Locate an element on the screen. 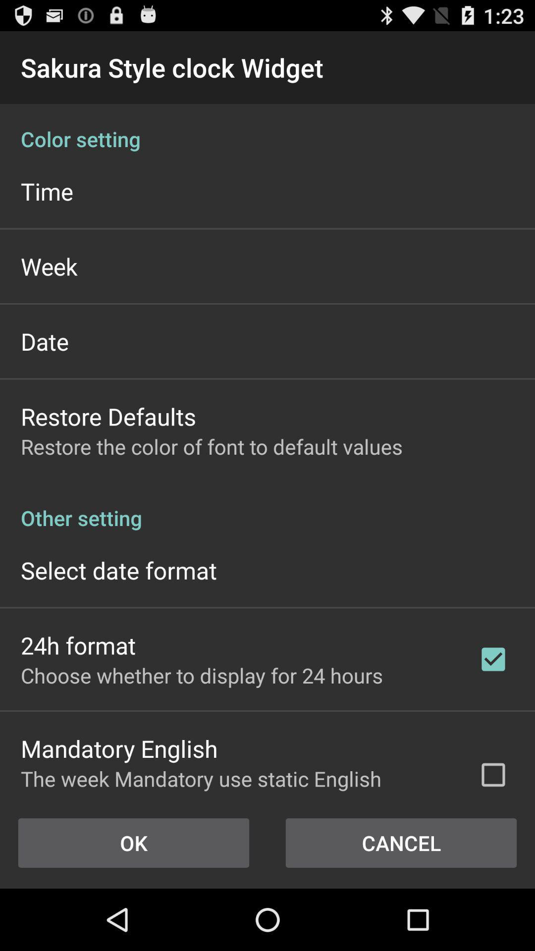 The image size is (535, 951). the color setting item is located at coordinates (267, 128).